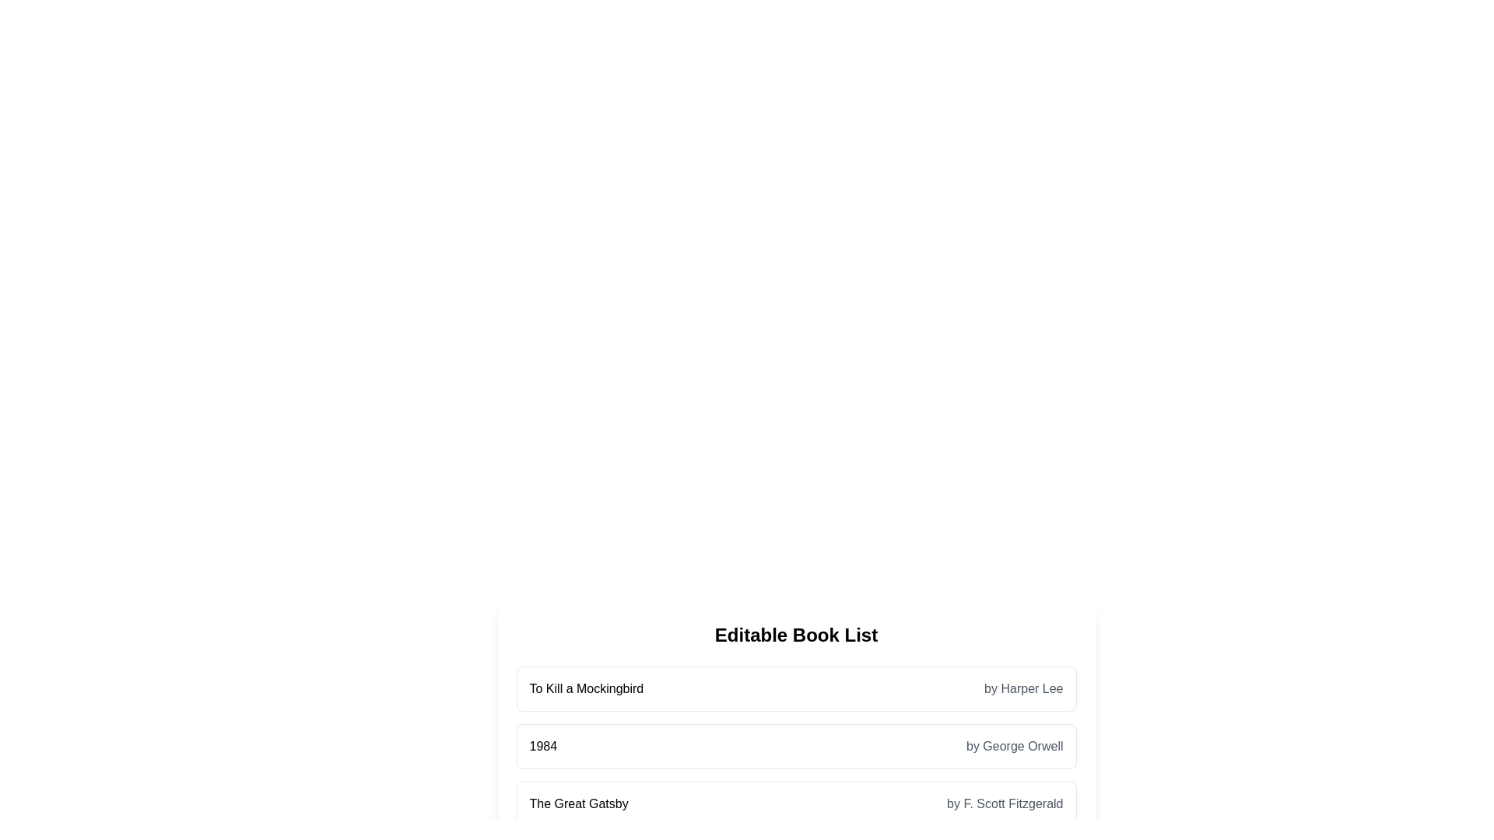 Image resolution: width=1494 pixels, height=840 pixels. Describe the element at coordinates (1015, 746) in the screenshot. I see `content 'by George Orwell' displayed in a light gray text label, which is aligned to the right of '1984'` at that location.